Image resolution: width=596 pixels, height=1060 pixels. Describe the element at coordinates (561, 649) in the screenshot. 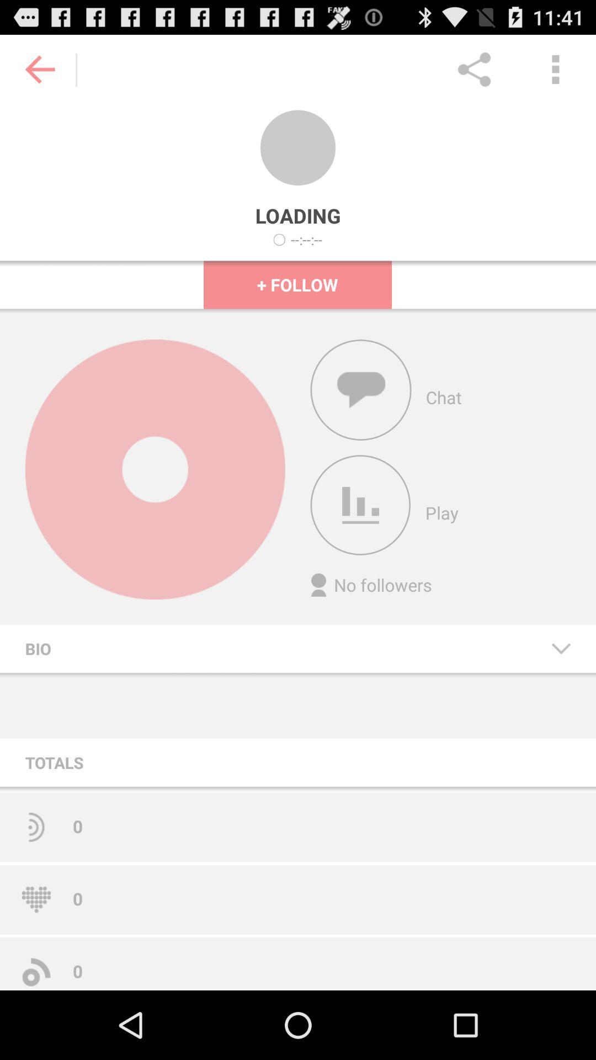

I see `the icon to the right of the bio` at that location.